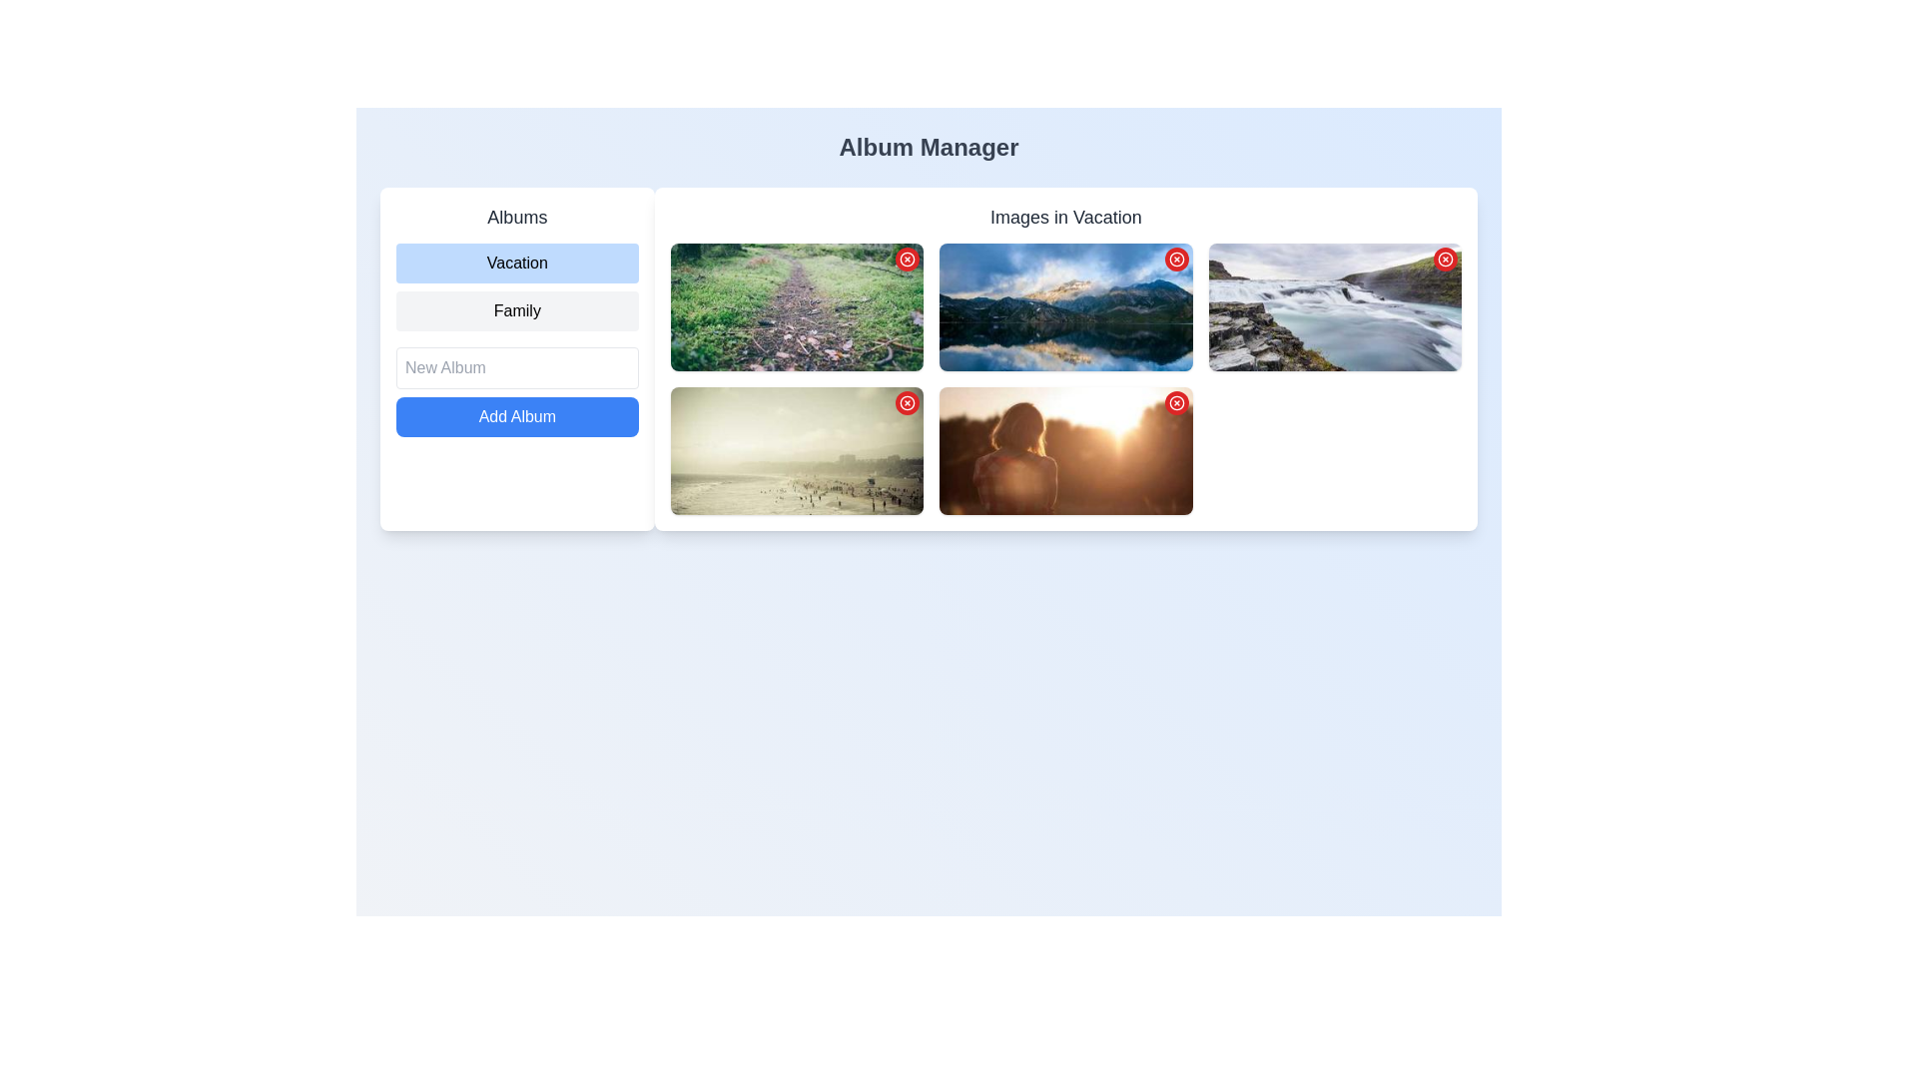  I want to click on the first button in the 'Albums' section to observe the background color change, so click(517, 262).